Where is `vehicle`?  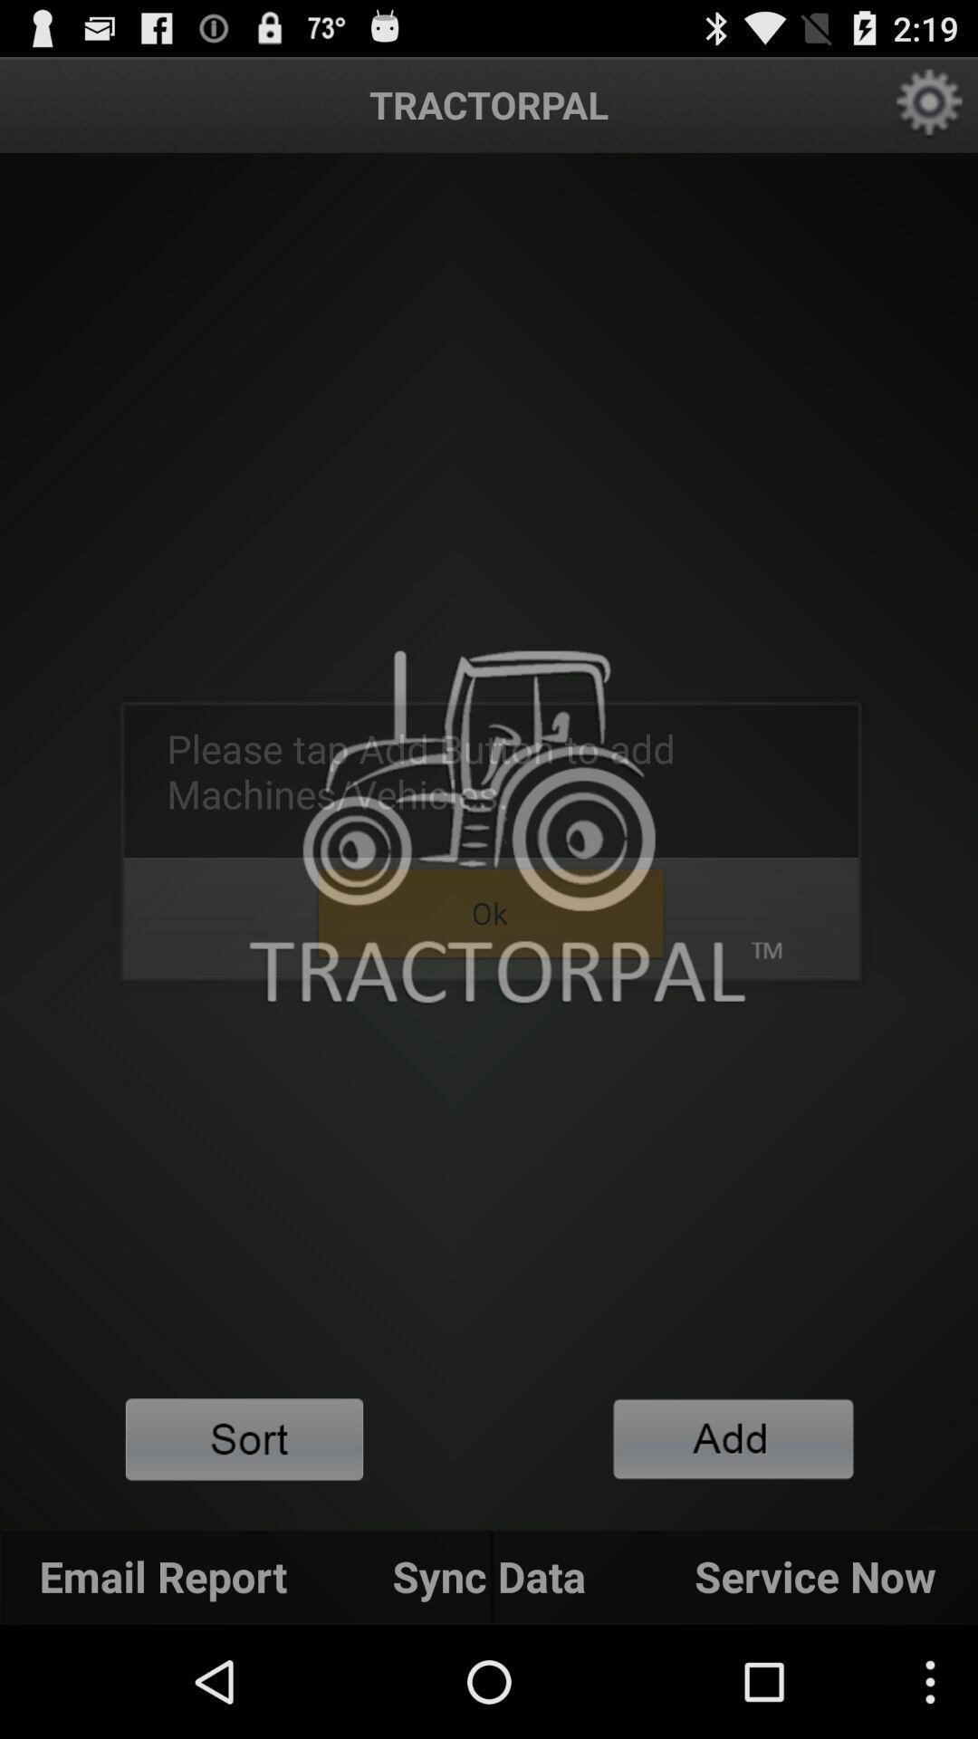
vehicle is located at coordinates (733, 1437).